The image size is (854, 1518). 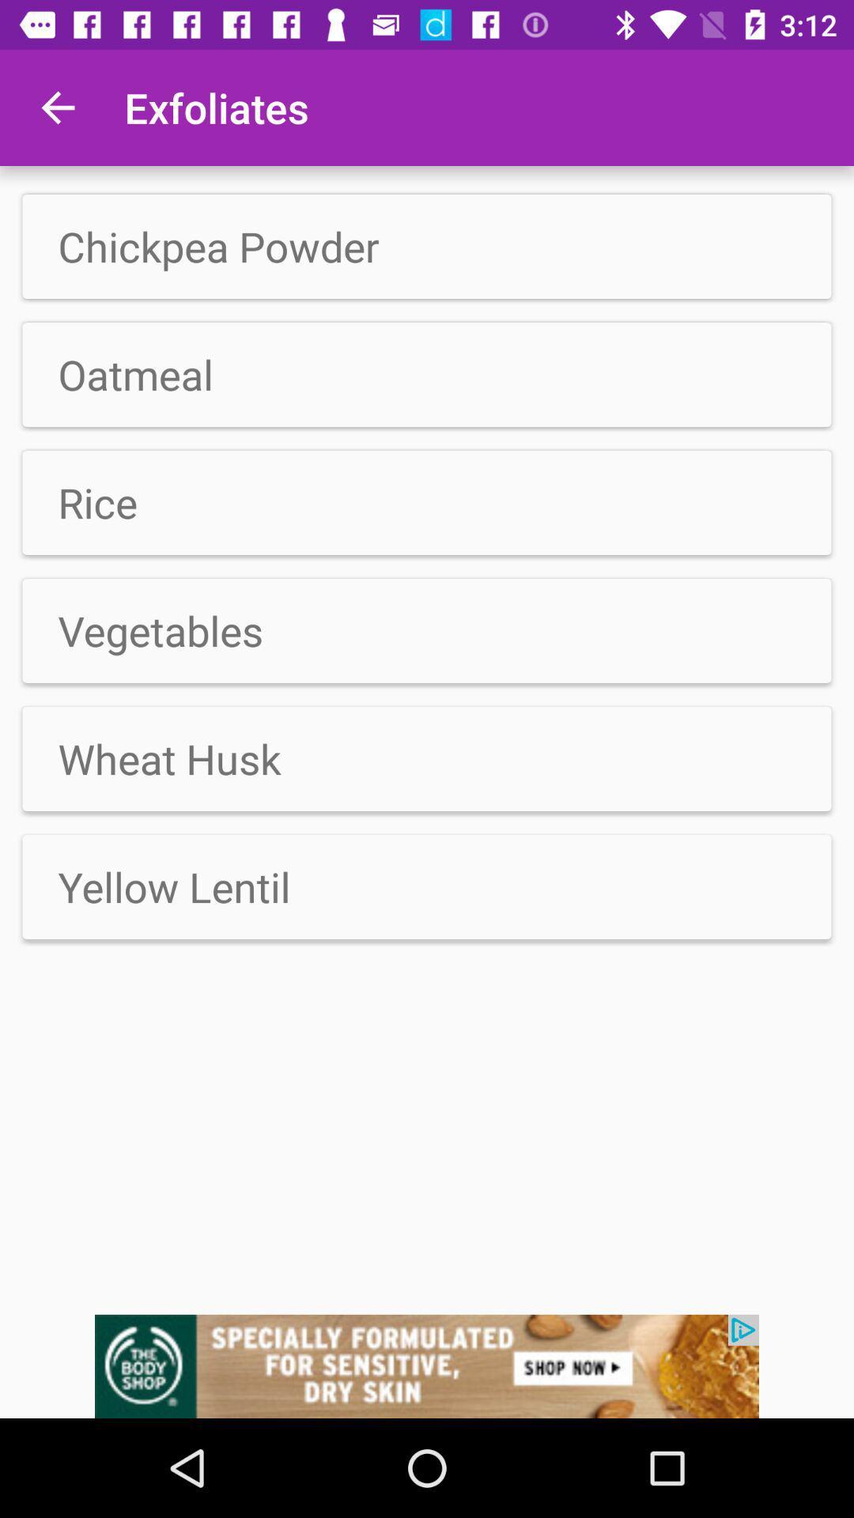 I want to click on advertising pop up banner, so click(x=427, y=1365).